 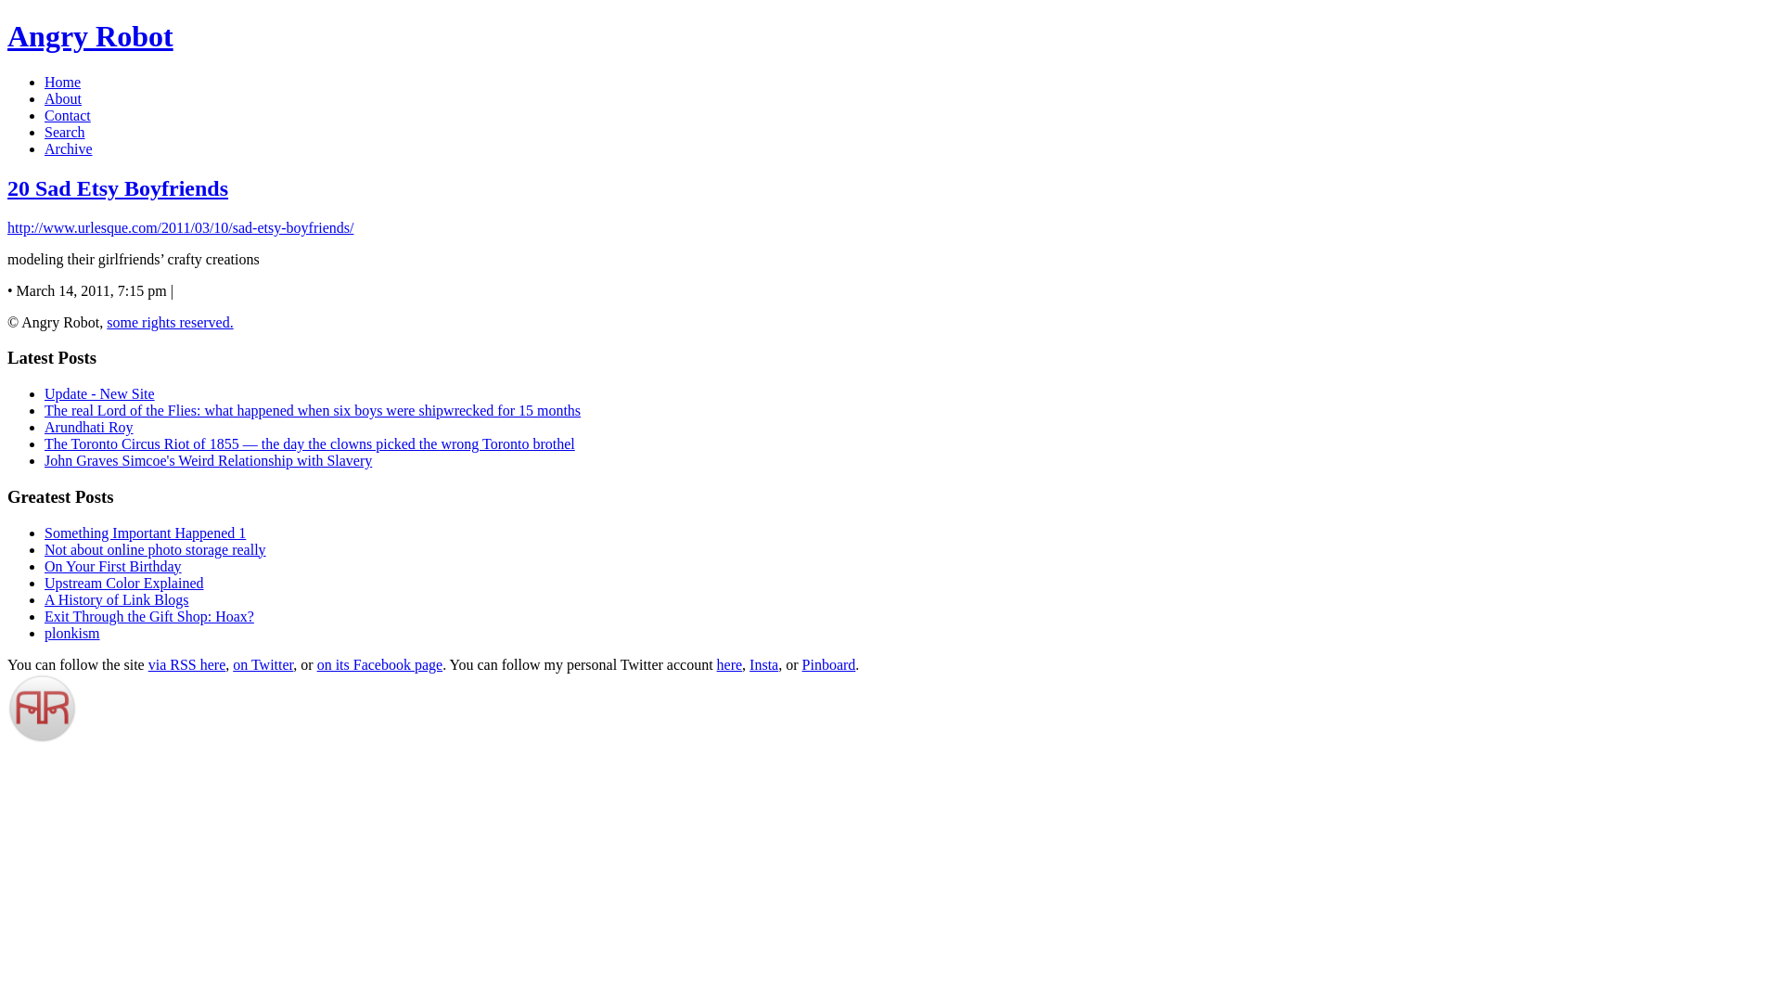 What do you see at coordinates (65, 131) in the screenshot?
I see `'Search'` at bounding box center [65, 131].